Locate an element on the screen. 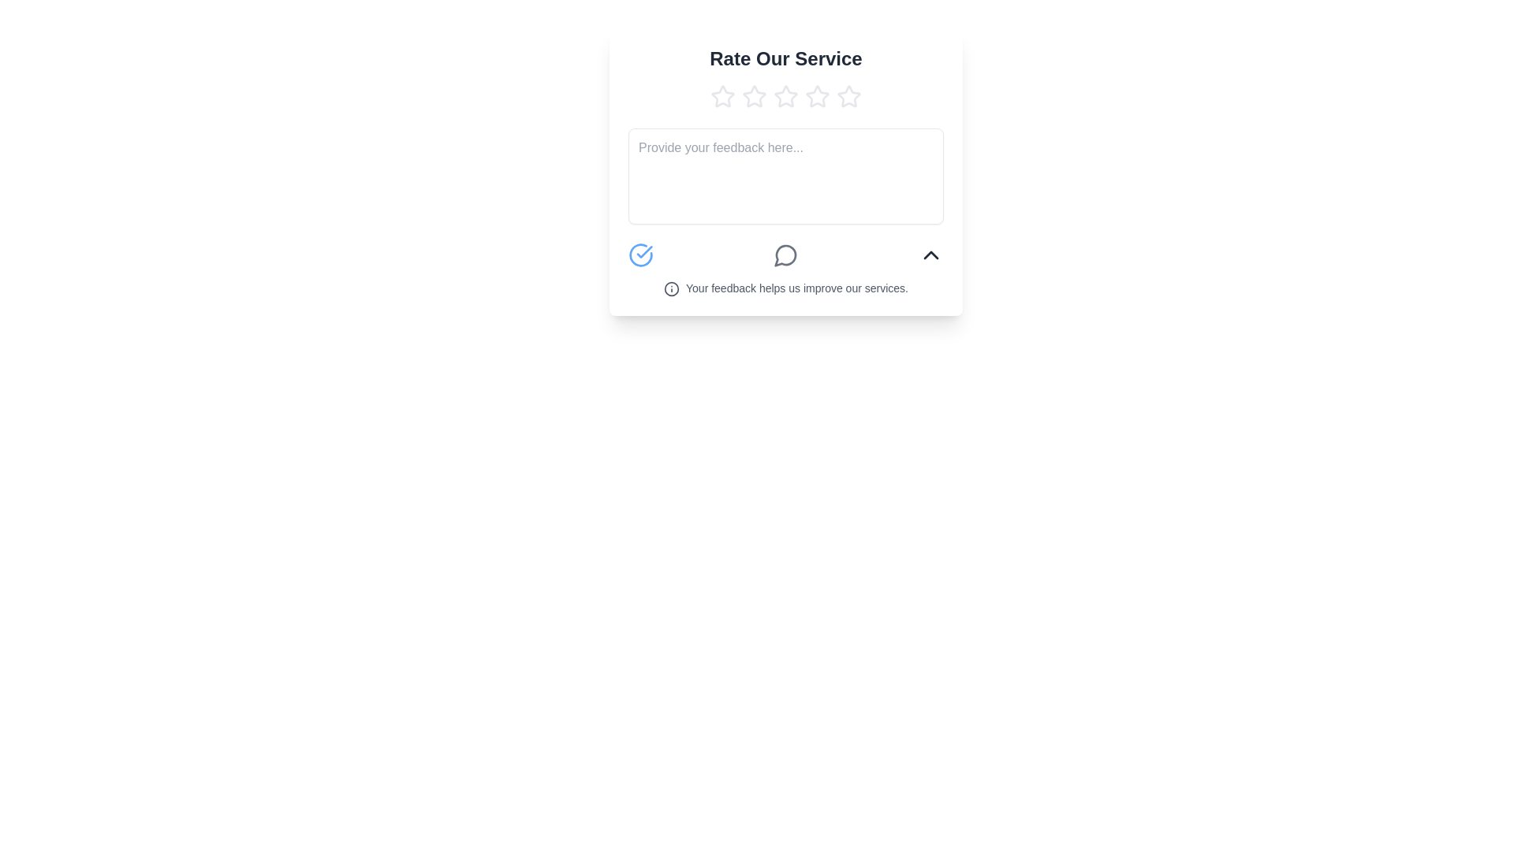  the fifth star in the user rating system is located at coordinates (848, 97).